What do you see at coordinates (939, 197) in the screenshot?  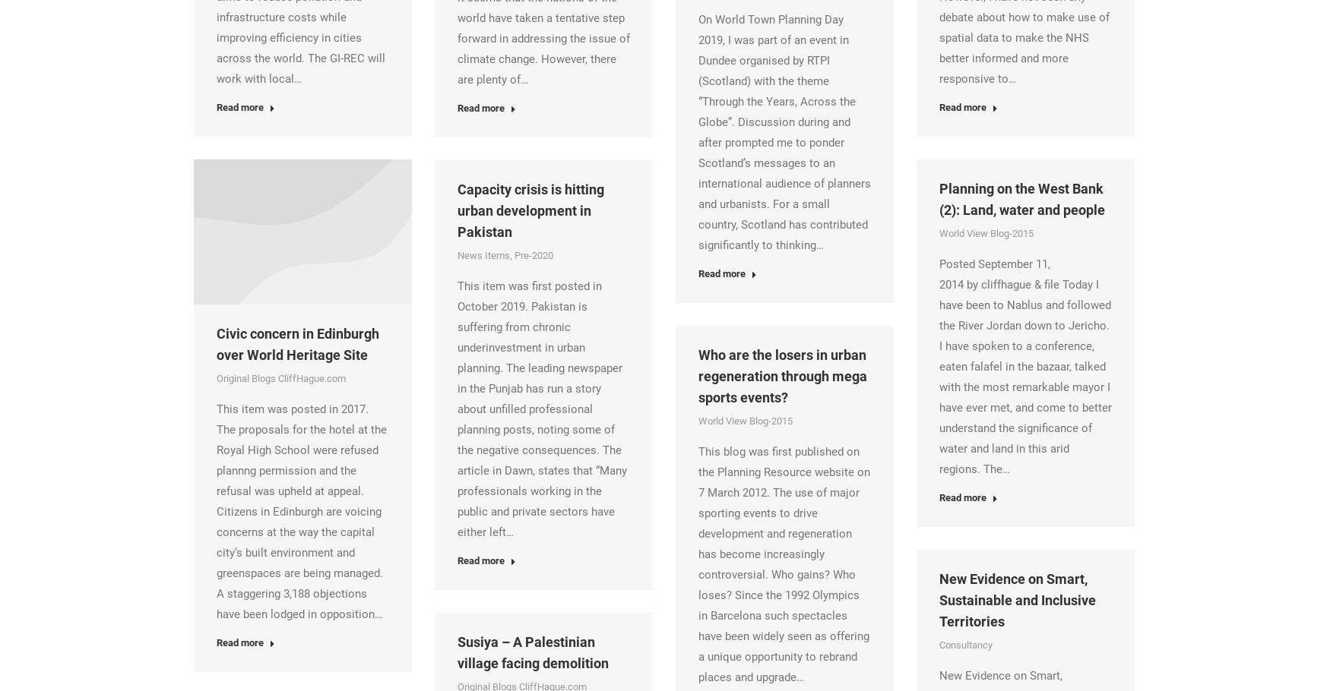 I see `'Planning on the West Bank (2): Land, water and people'` at bounding box center [939, 197].